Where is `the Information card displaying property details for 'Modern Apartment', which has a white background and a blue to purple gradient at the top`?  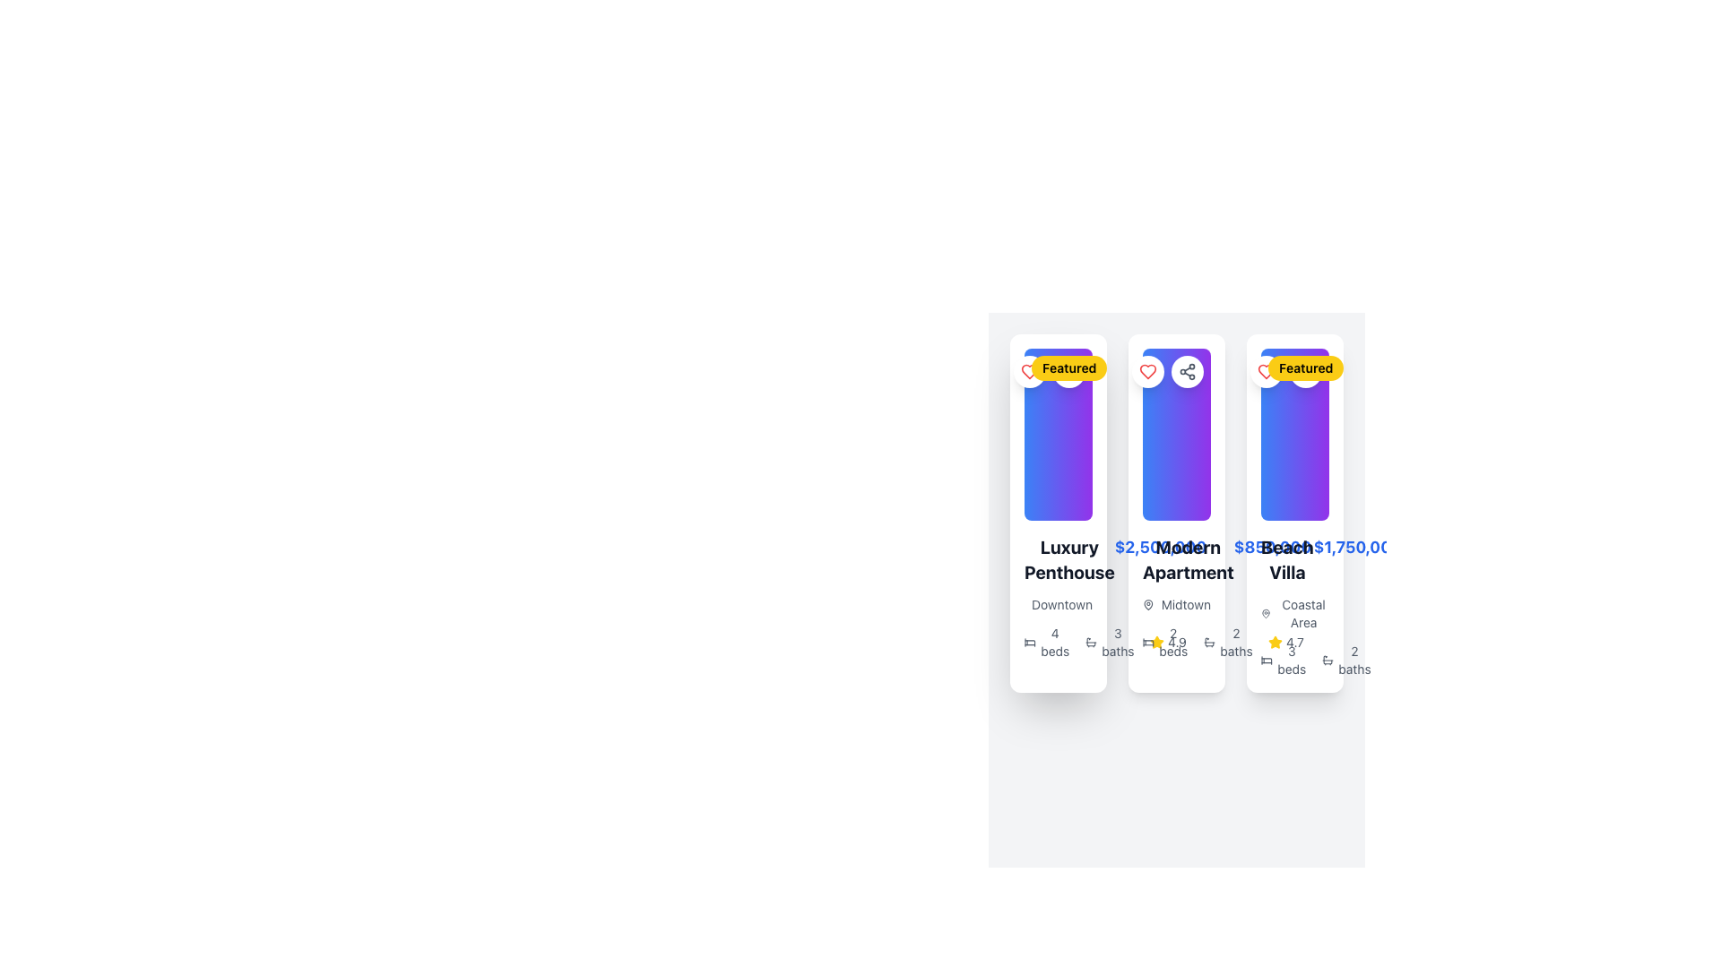
the Information card displaying property details for 'Modern Apartment', which has a white background and a blue to purple gradient at the top is located at coordinates (1177, 514).